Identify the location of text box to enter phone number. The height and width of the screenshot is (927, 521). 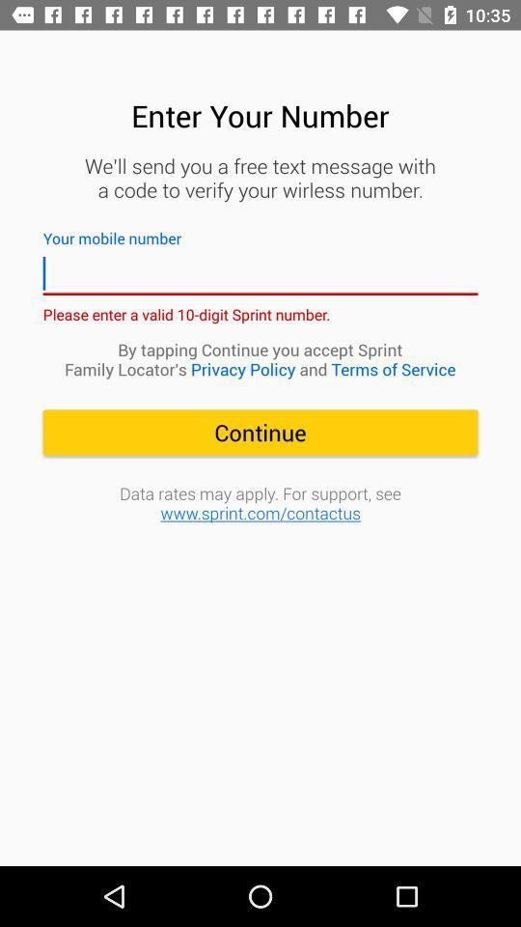
(260, 272).